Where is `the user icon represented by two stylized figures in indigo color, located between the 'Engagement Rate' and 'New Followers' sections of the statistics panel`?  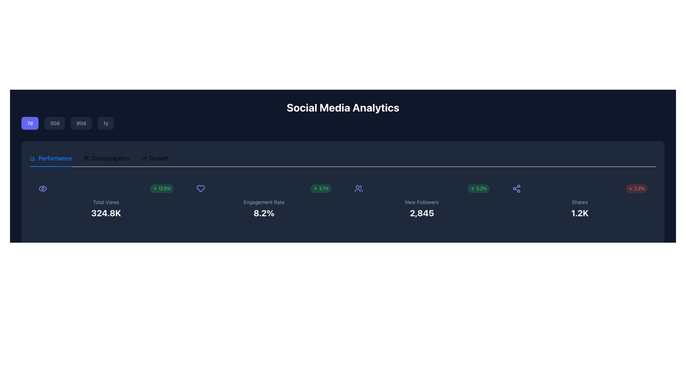 the user icon represented by two stylized figures in indigo color, located between the 'Engagement Rate' and 'New Followers' sections of the statistics panel is located at coordinates (358, 188).